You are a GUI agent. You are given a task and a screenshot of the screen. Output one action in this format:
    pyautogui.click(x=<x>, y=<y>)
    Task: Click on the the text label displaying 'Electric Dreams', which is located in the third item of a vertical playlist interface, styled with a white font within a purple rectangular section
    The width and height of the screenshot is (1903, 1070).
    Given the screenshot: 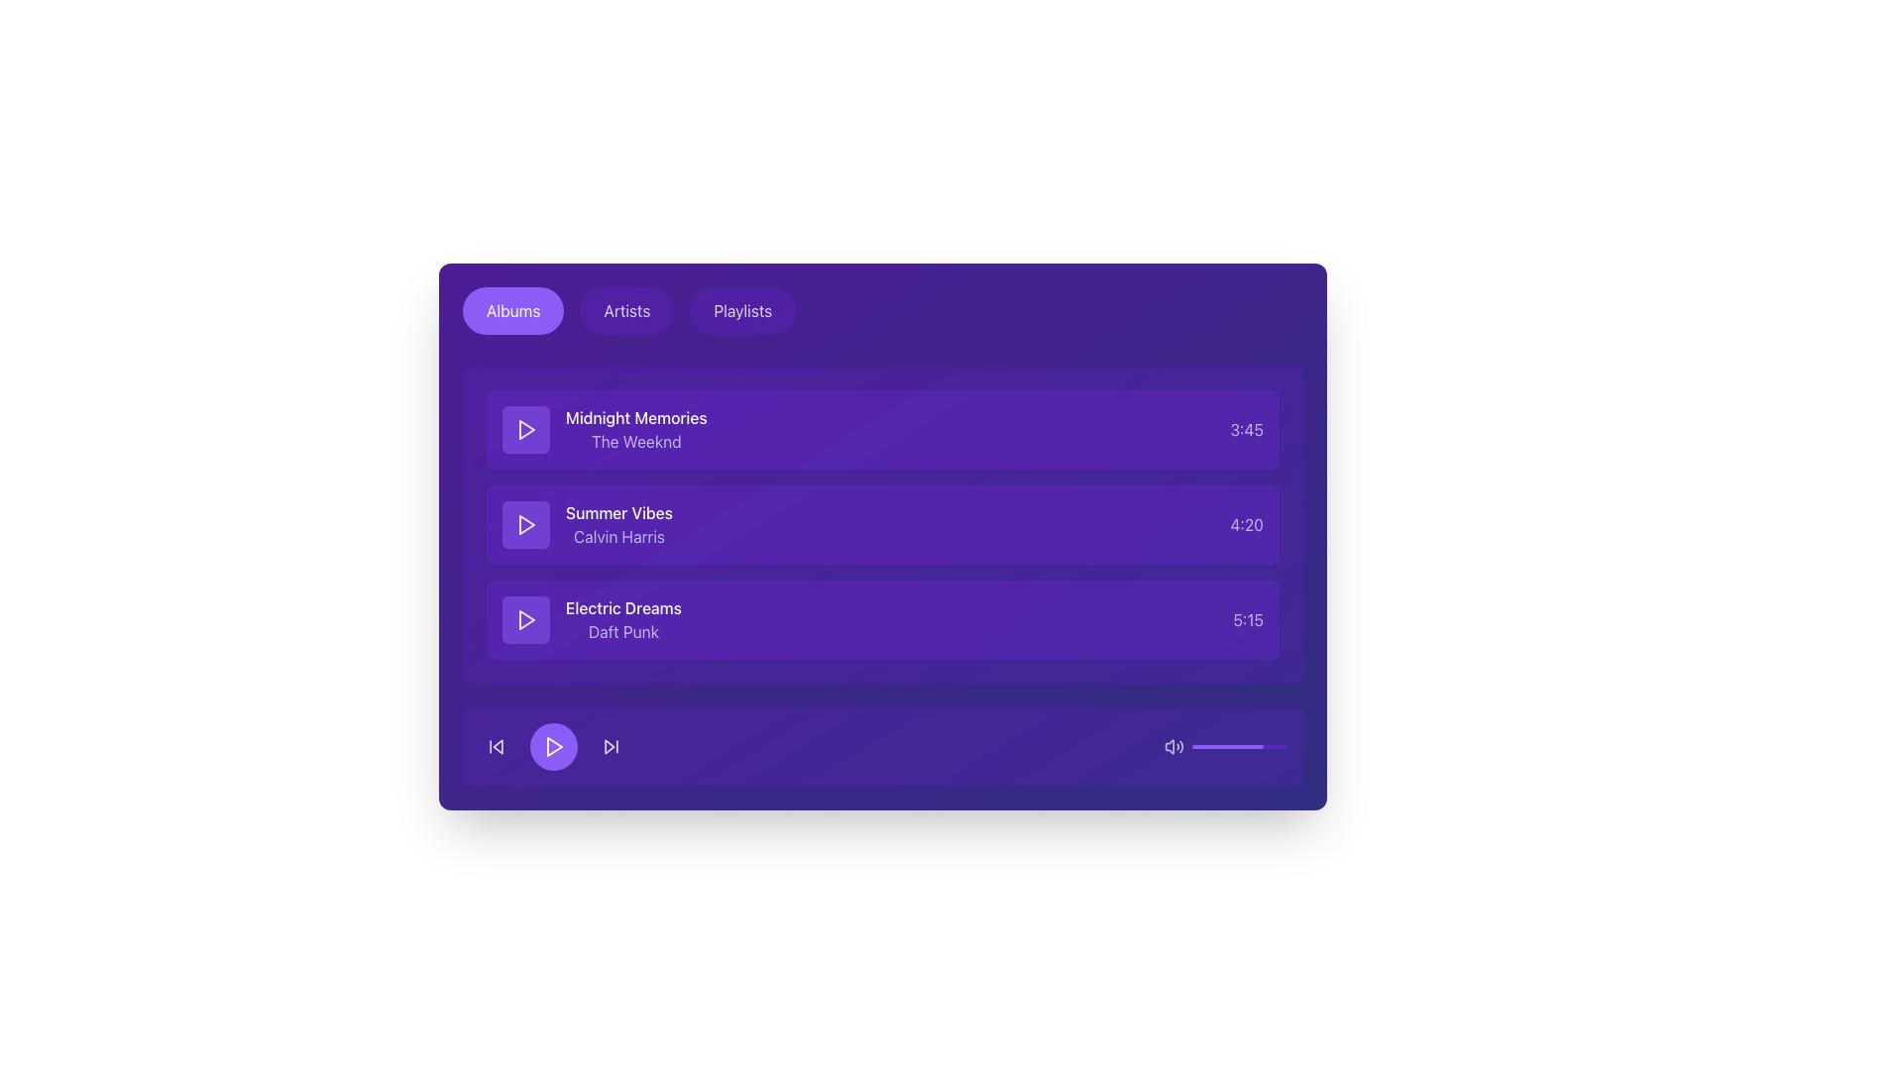 What is the action you would take?
    pyautogui.click(x=622, y=606)
    